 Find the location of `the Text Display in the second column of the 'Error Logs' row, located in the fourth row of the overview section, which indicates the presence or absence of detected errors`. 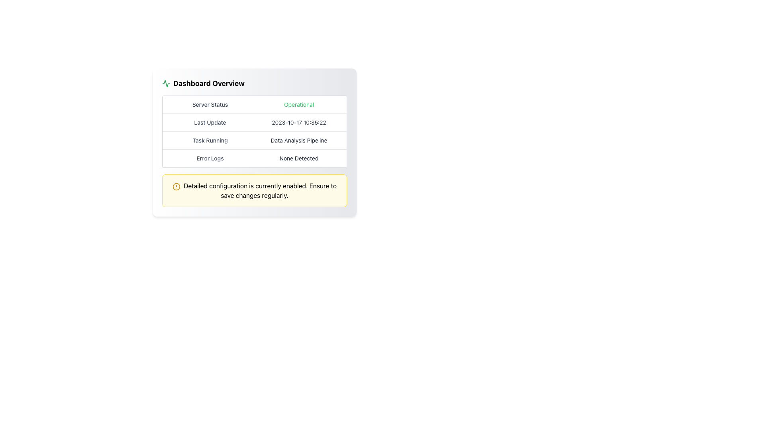

the Text Display in the second column of the 'Error Logs' row, located in the fourth row of the overview section, which indicates the presence or absence of detected errors is located at coordinates (298, 158).